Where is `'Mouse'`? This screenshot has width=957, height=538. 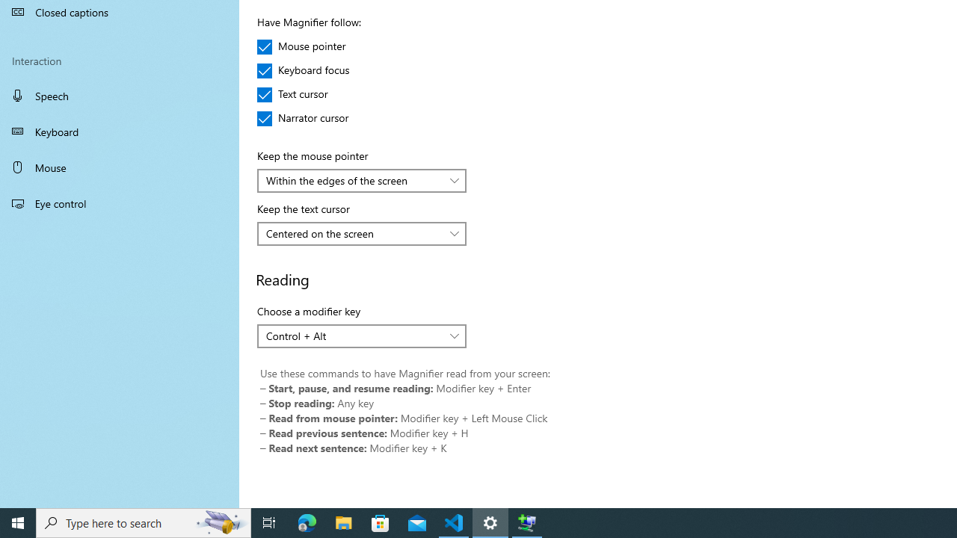
'Mouse' is located at coordinates (120, 167).